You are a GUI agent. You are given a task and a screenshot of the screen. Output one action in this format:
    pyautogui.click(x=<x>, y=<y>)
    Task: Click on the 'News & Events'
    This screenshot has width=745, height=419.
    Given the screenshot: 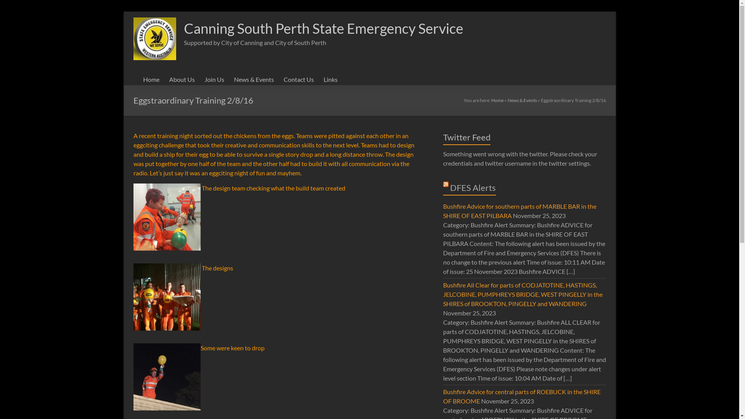 What is the action you would take?
    pyautogui.click(x=522, y=100)
    